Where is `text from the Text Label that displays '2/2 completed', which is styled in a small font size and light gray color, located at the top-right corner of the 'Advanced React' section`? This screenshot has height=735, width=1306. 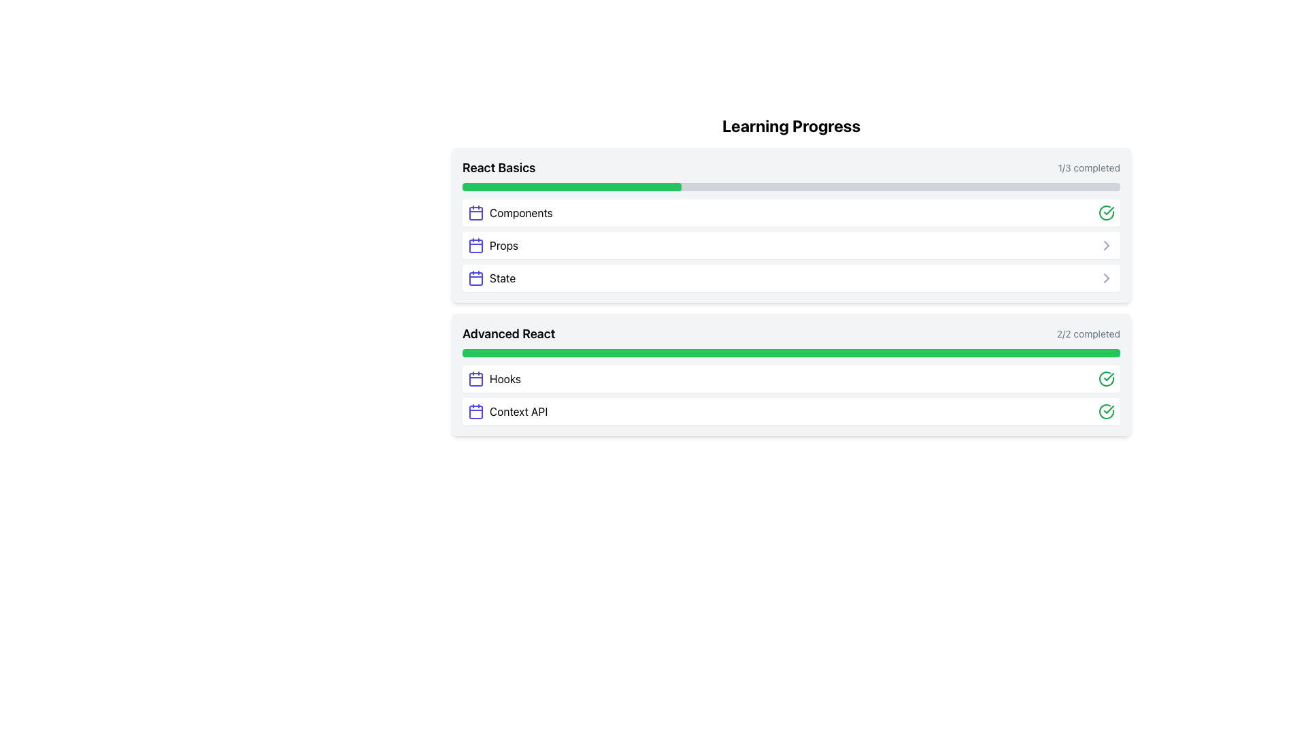
text from the Text Label that displays '2/2 completed', which is styled in a small font size and light gray color, located at the top-right corner of the 'Advanced React' section is located at coordinates (1088, 333).